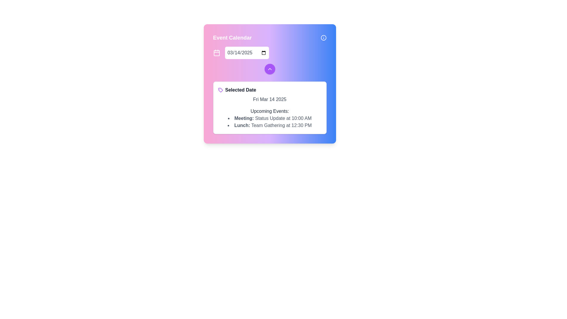 This screenshot has height=319, width=567. I want to click on the text label displaying the date 'Fri Mar 14 2025', which is located below the 'Selected Date' label in the white card section of the UI, so click(269, 99).